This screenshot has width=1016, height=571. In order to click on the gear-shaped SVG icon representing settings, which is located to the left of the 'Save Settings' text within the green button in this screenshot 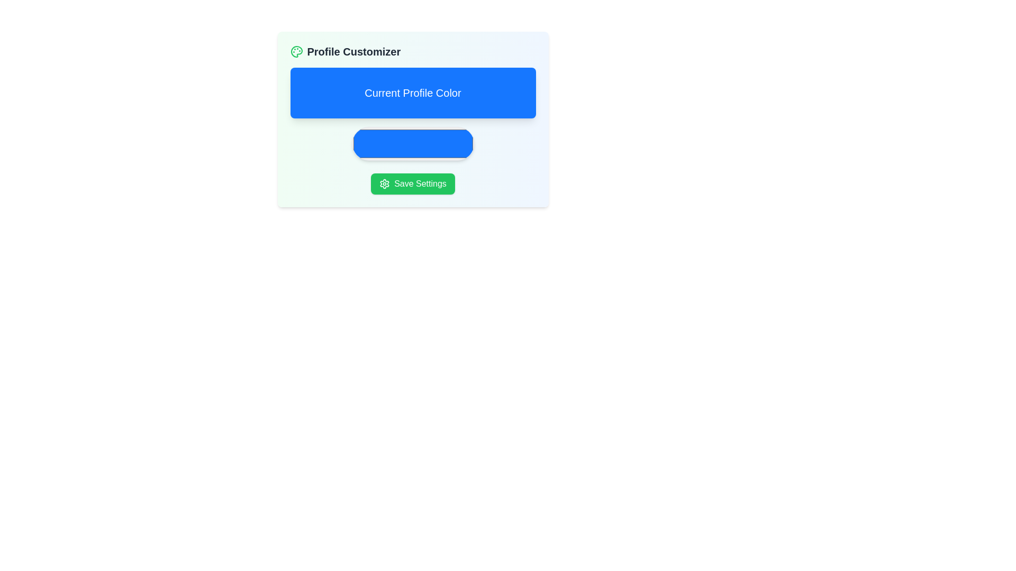, I will do `click(384, 183)`.